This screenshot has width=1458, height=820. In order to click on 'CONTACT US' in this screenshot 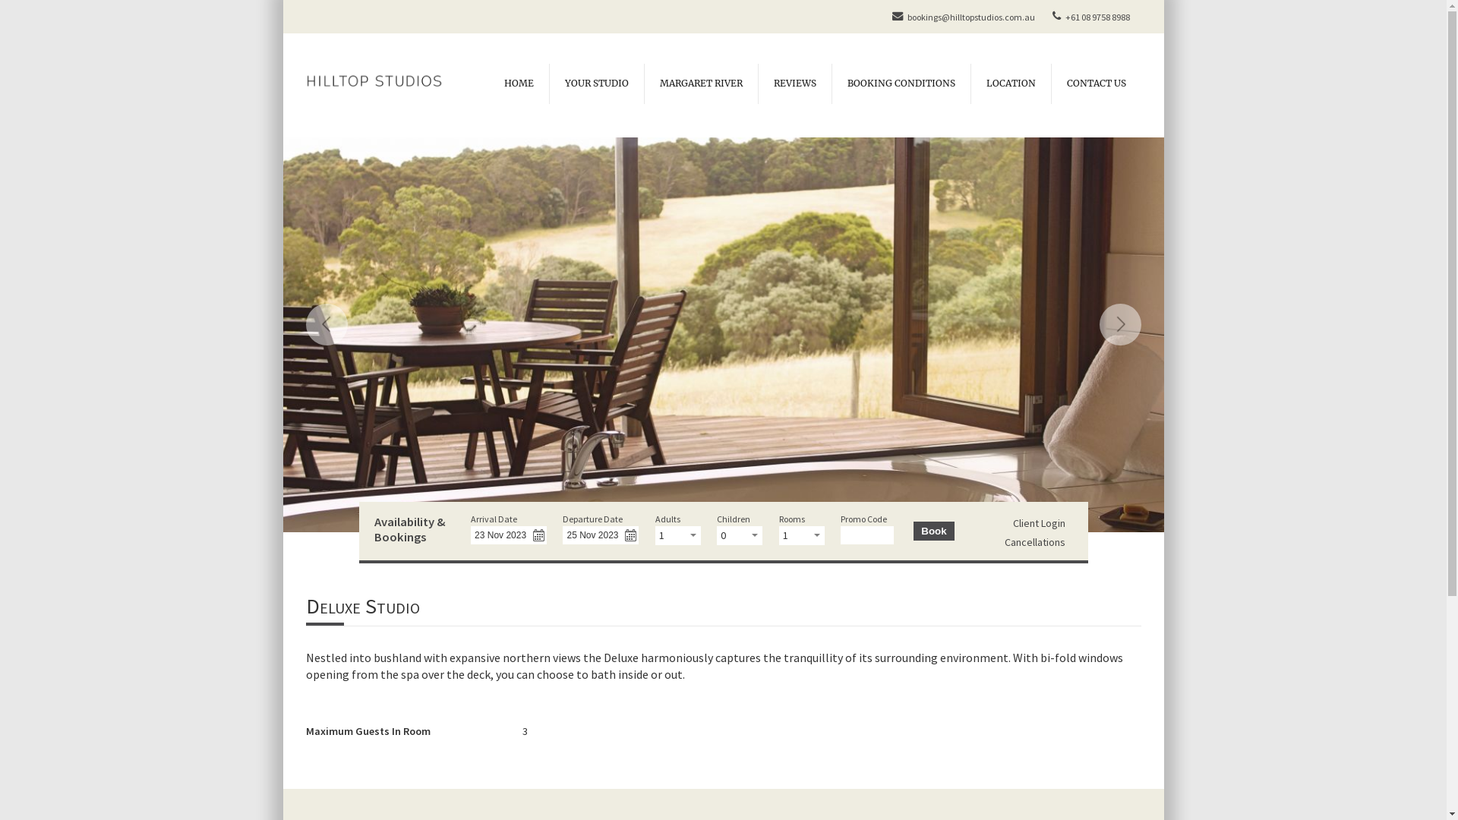, I will do `click(1096, 84)`.